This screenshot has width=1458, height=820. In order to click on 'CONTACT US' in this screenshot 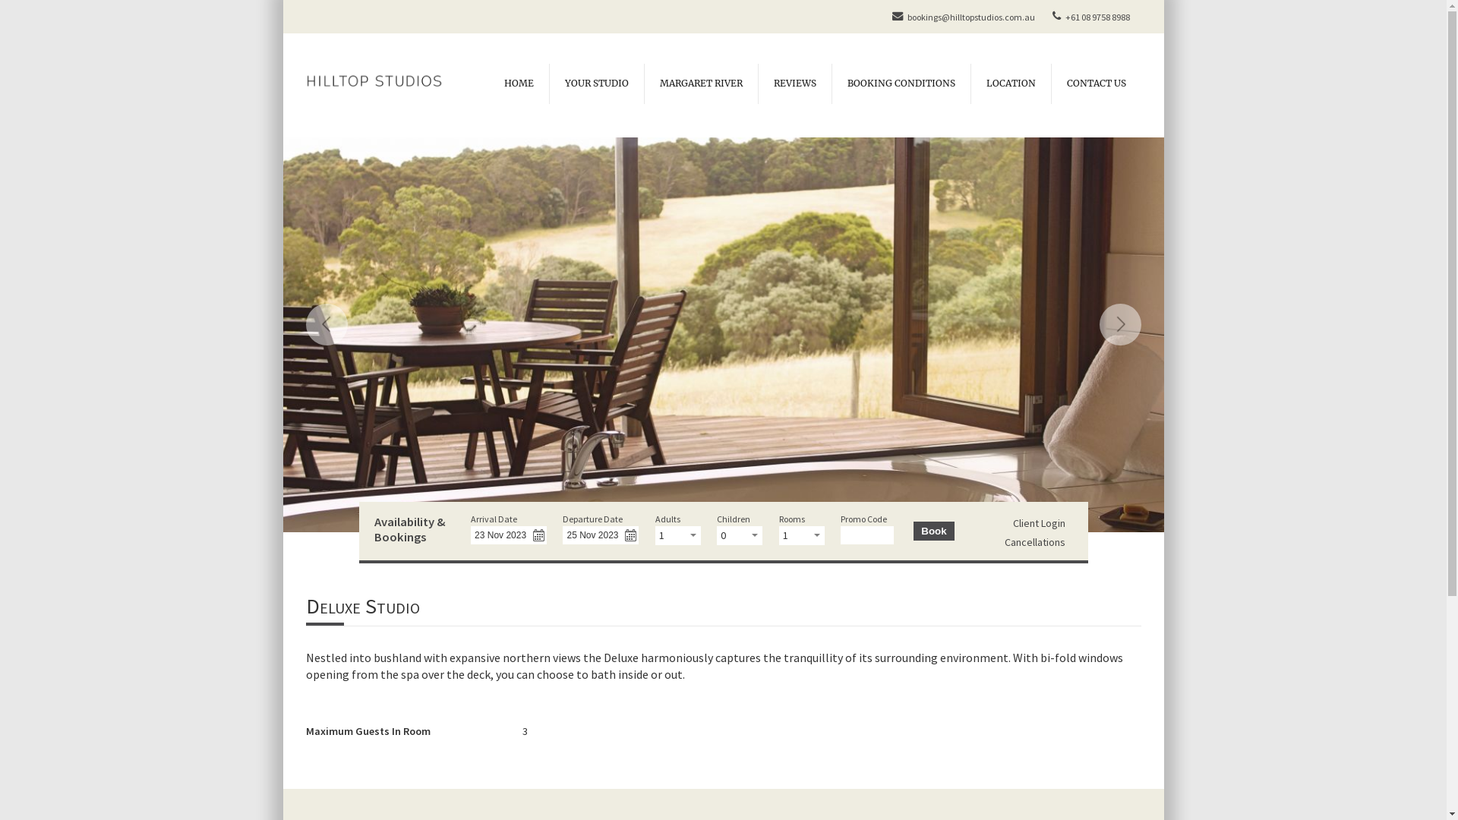, I will do `click(1096, 84)`.